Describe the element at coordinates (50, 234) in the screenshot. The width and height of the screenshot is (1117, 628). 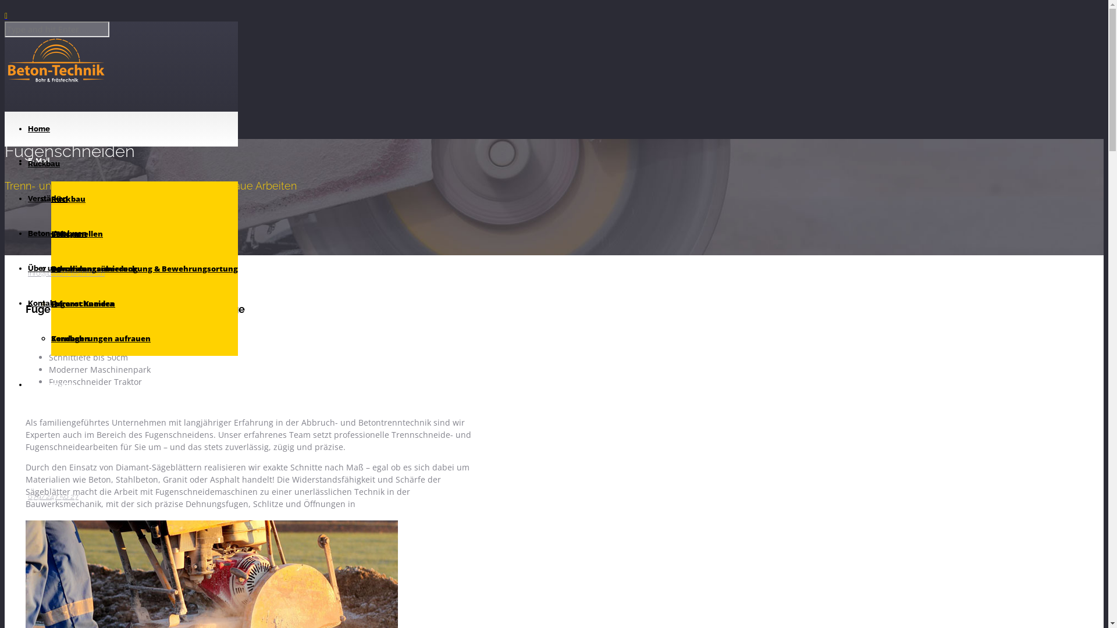
I see `'CFK Lamellen'` at that location.